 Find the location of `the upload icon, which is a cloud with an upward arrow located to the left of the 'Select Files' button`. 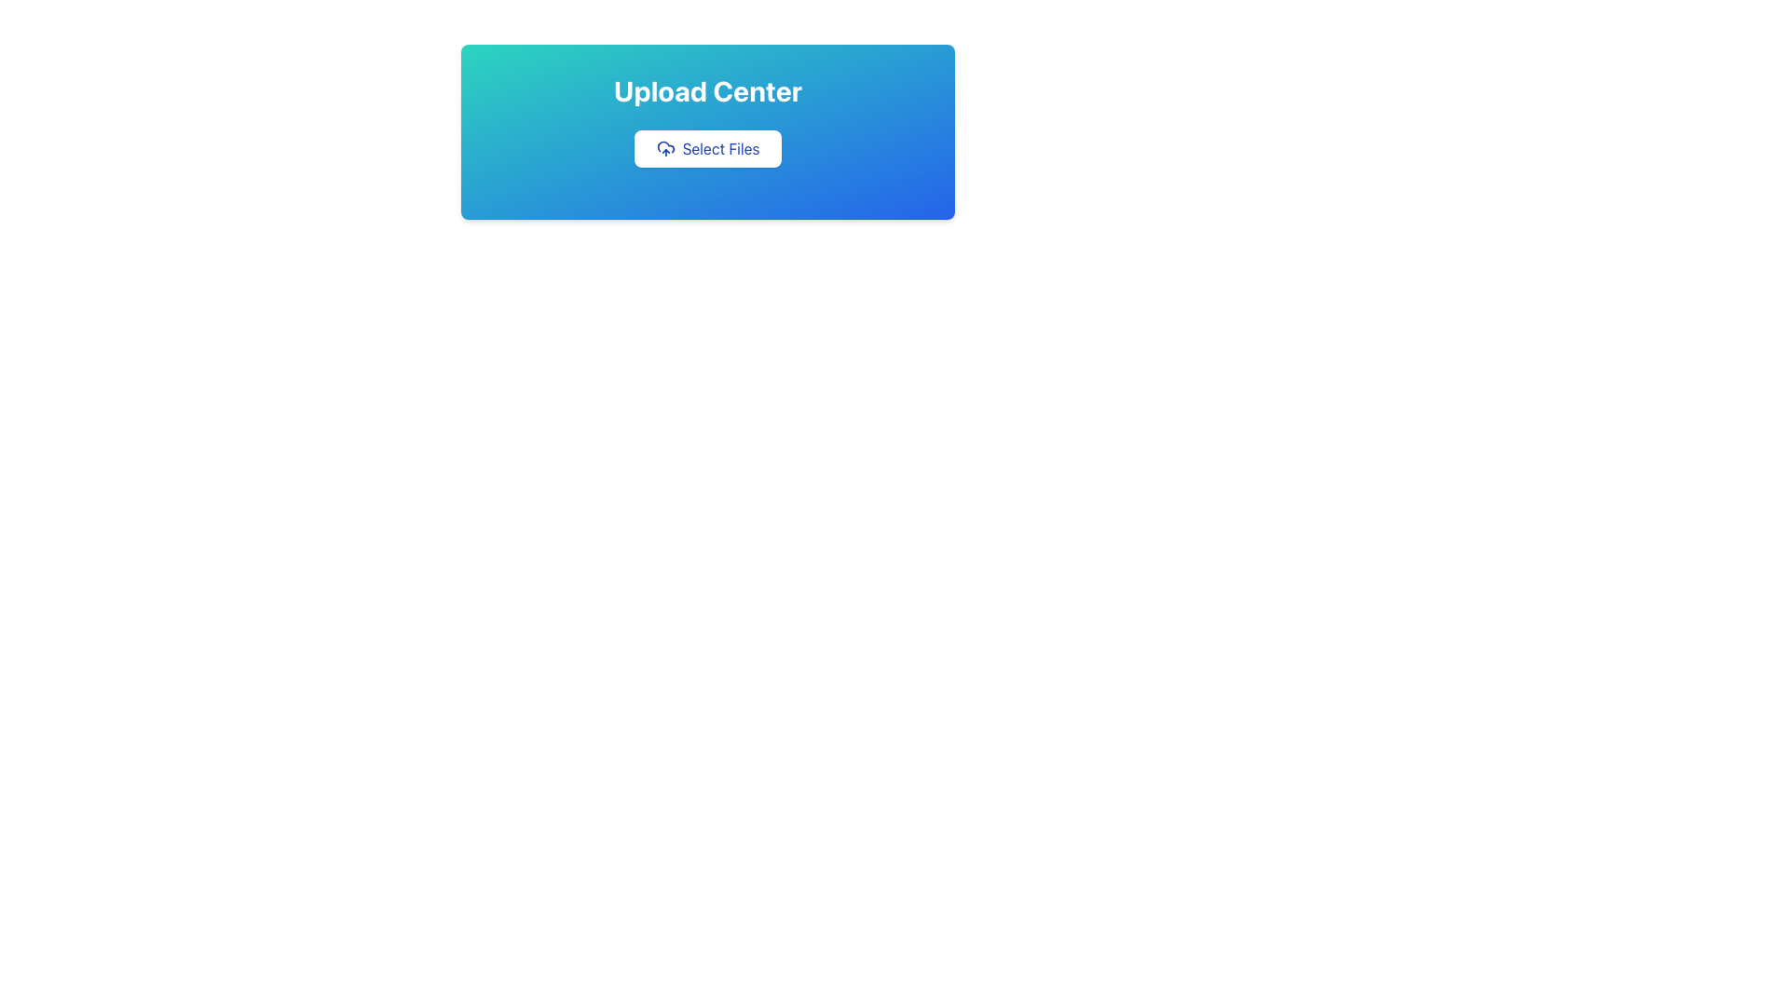

the upload icon, which is a cloud with an upward arrow located to the left of the 'Select Files' button is located at coordinates (665, 147).